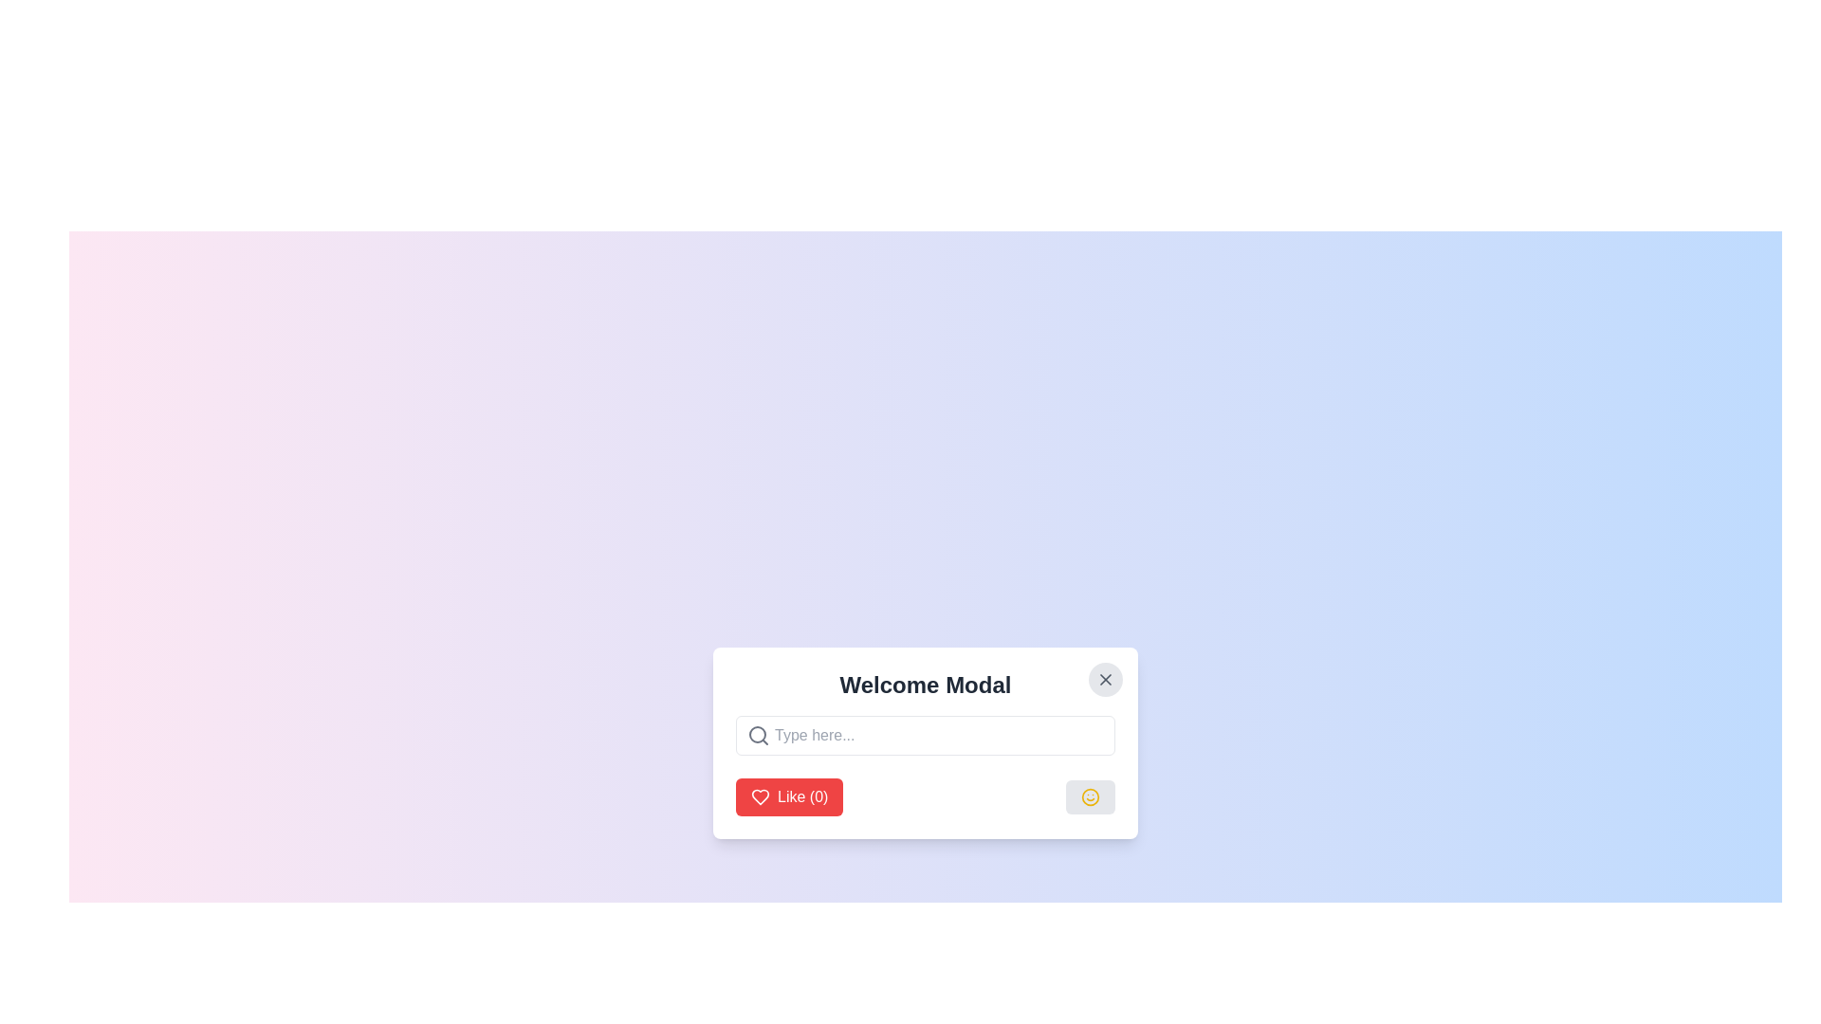 Image resolution: width=1821 pixels, height=1024 pixels. What do you see at coordinates (1091, 796) in the screenshot?
I see `the yellow circular graphic resembling a smiley face located in the modal's bottom-right corner, adjacent to the 'Like(0)' button` at bounding box center [1091, 796].